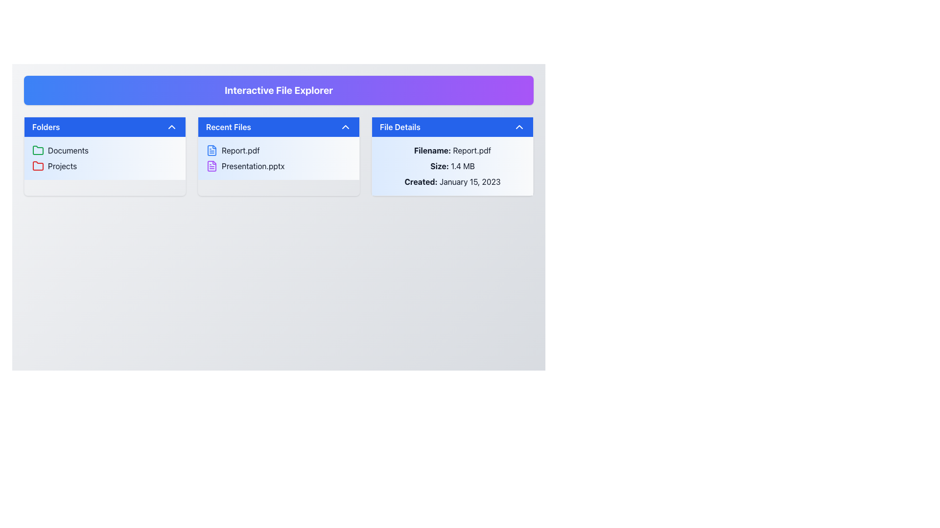  Describe the element at coordinates (240, 151) in the screenshot. I see `the 'Report.pdf' text label, which is the first file entry` at that location.